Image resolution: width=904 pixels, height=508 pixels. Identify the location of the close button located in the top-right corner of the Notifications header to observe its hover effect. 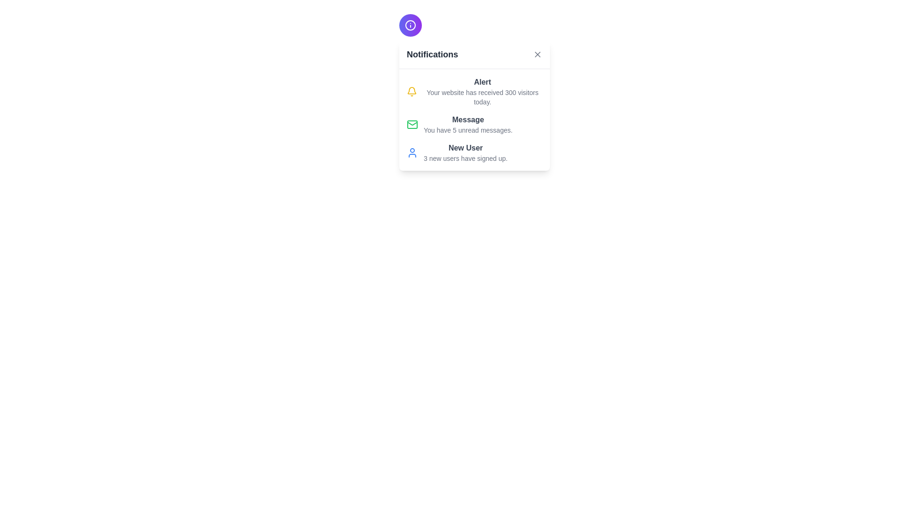
(538, 54).